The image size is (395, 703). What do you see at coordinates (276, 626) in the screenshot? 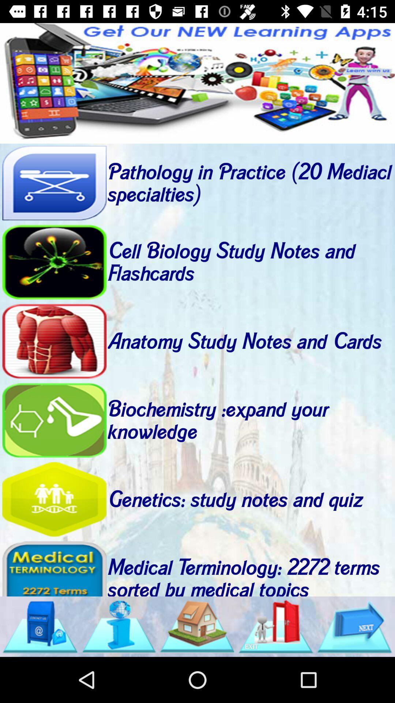
I see `the delete icon` at bounding box center [276, 626].